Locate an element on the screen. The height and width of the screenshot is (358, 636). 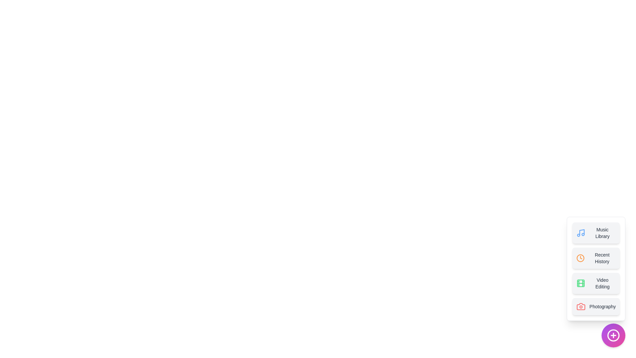
the Photography option is located at coordinates (596, 307).